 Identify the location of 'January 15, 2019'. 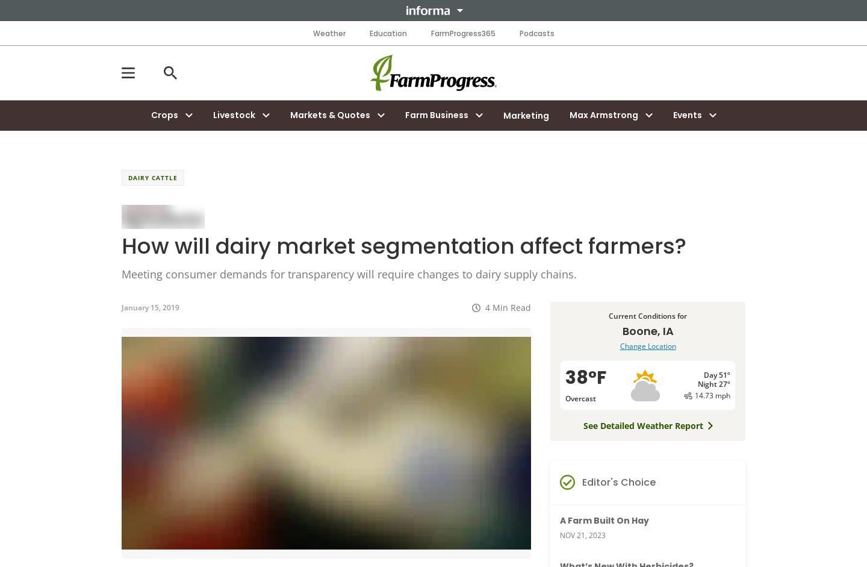
(122, 307).